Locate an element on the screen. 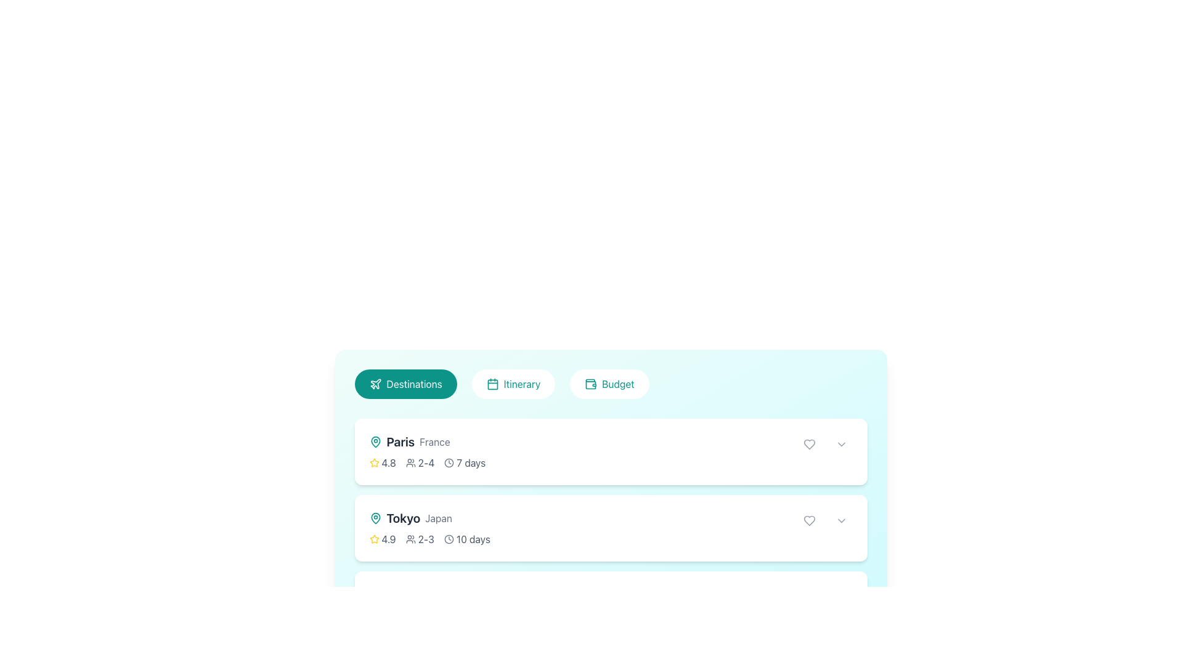 Image resolution: width=1183 pixels, height=665 pixels. the informational text label indicating the duration associated with the current list entry, located below the rating stars and group size icons in the first entry of the list is located at coordinates (470, 463).